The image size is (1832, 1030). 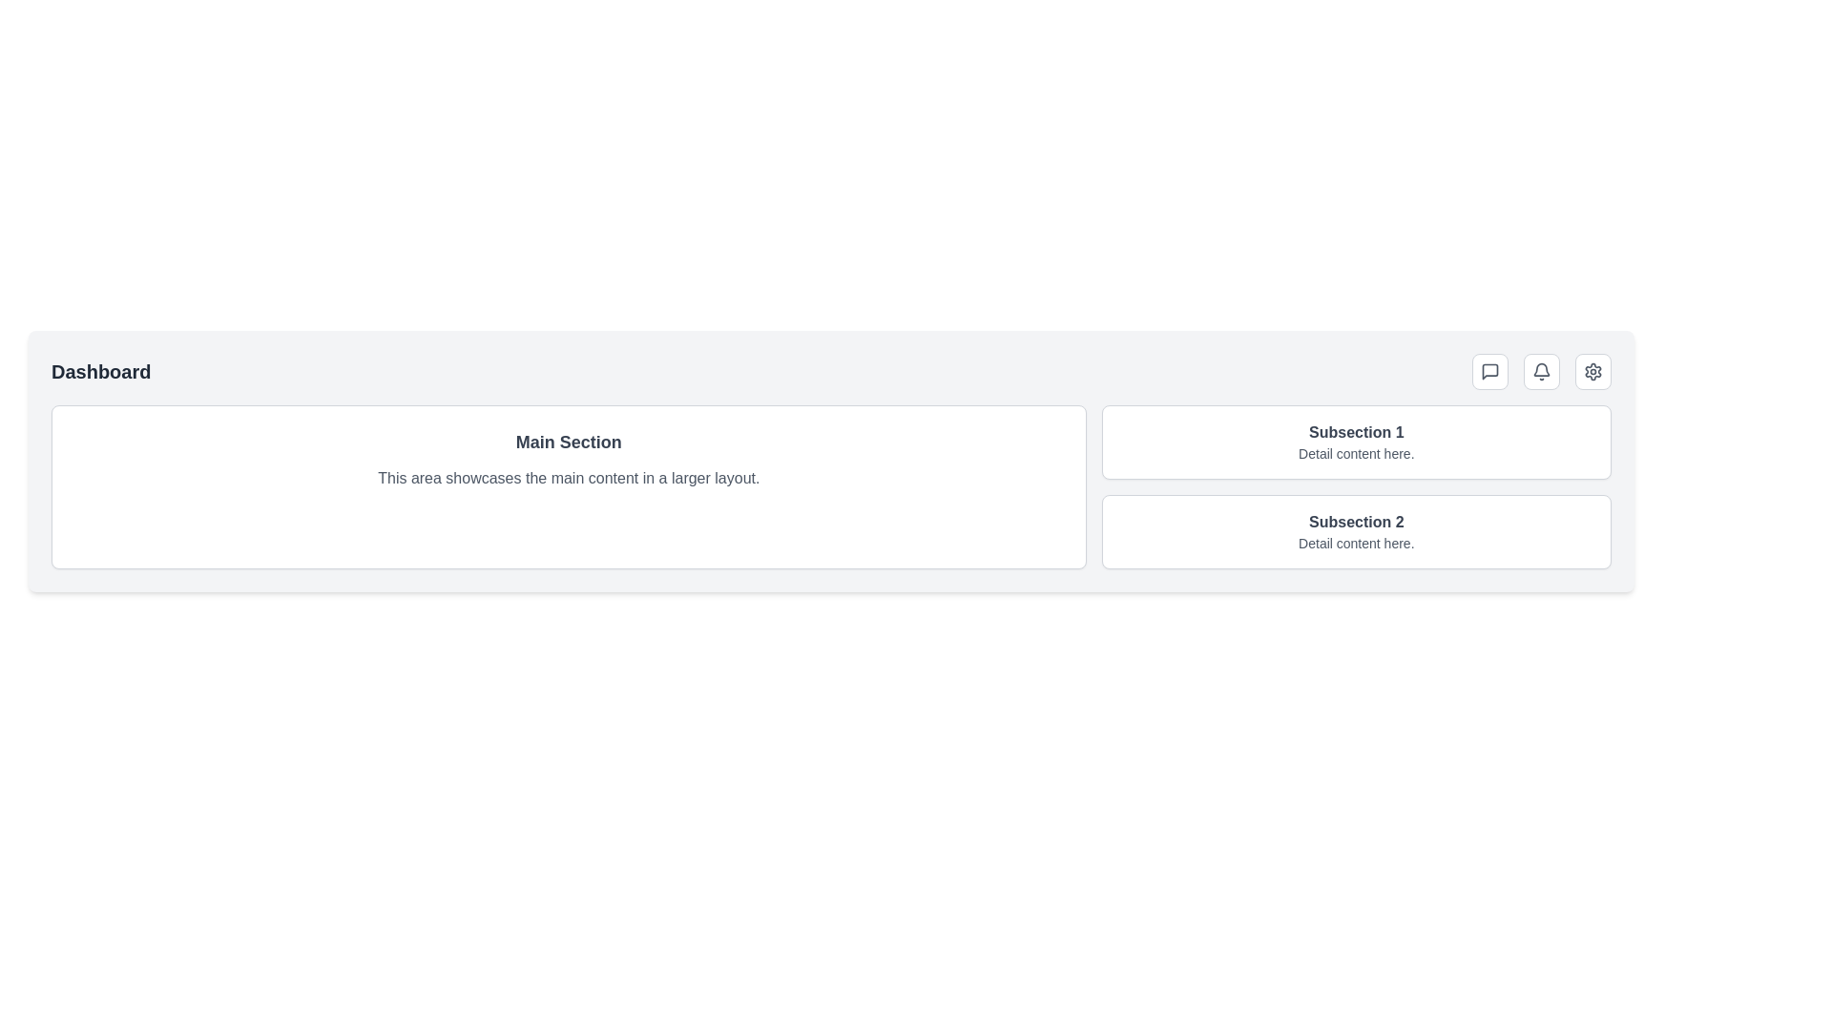 What do you see at coordinates (1355, 544) in the screenshot?
I see `text label displaying 'Detail content here.' located directly below 'Subsection 2' in the second column on the right side of the interface layout` at bounding box center [1355, 544].